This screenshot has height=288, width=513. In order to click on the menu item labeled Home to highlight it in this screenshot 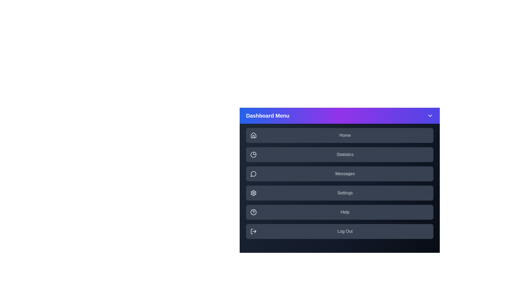, I will do `click(339, 135)`.